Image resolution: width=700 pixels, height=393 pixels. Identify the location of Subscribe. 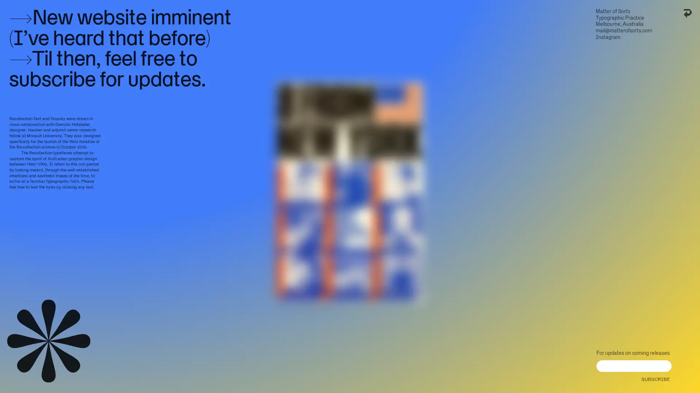
(654, 377).